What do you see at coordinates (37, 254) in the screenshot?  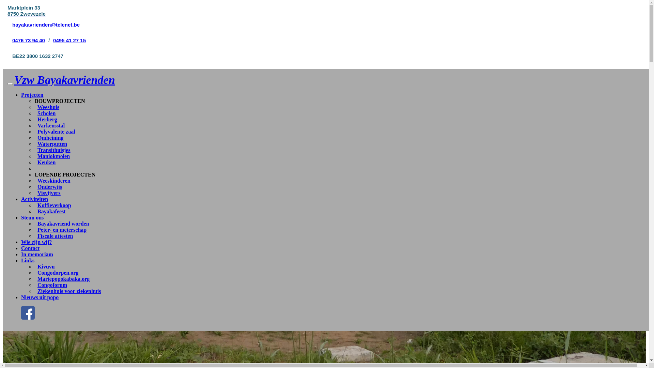 I see `'In memoriam'` at bounding box center [37, 254].